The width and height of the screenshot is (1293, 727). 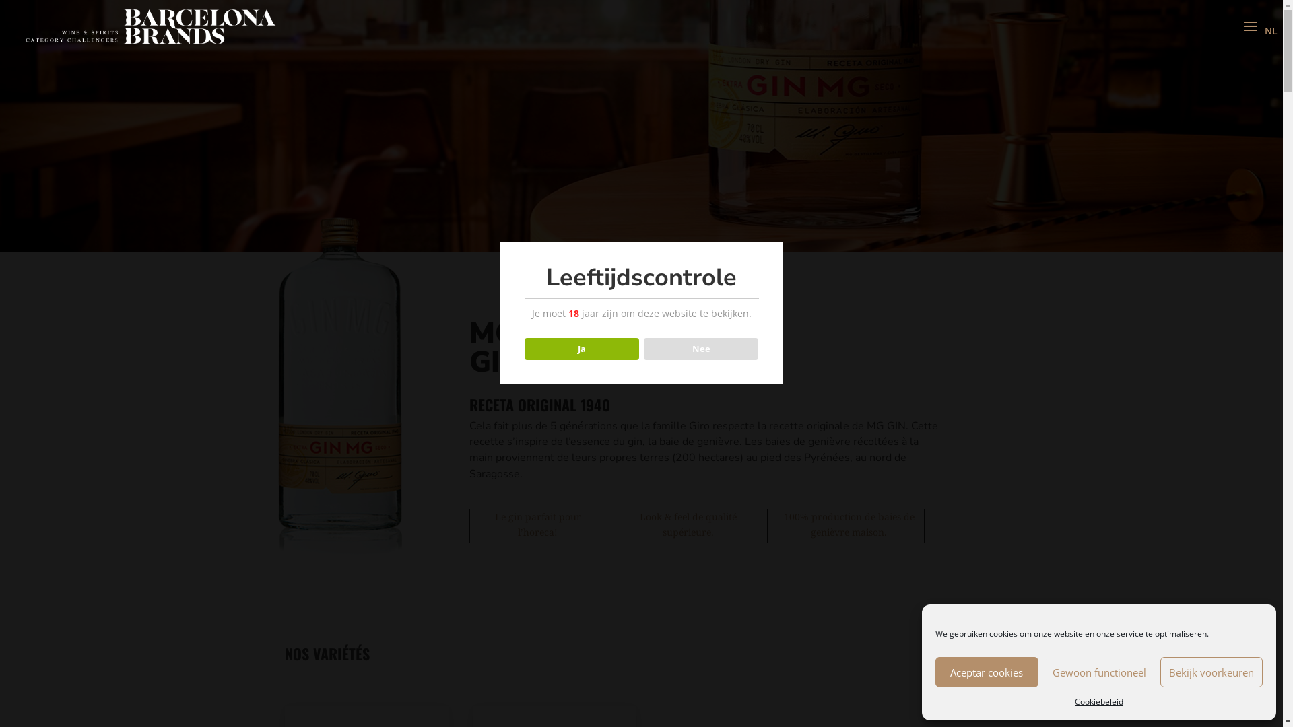 What do you see at coordinates (987, 672) in the screenshot?
I see `'Aceptar cookies'` at bounding box center [987, 672].